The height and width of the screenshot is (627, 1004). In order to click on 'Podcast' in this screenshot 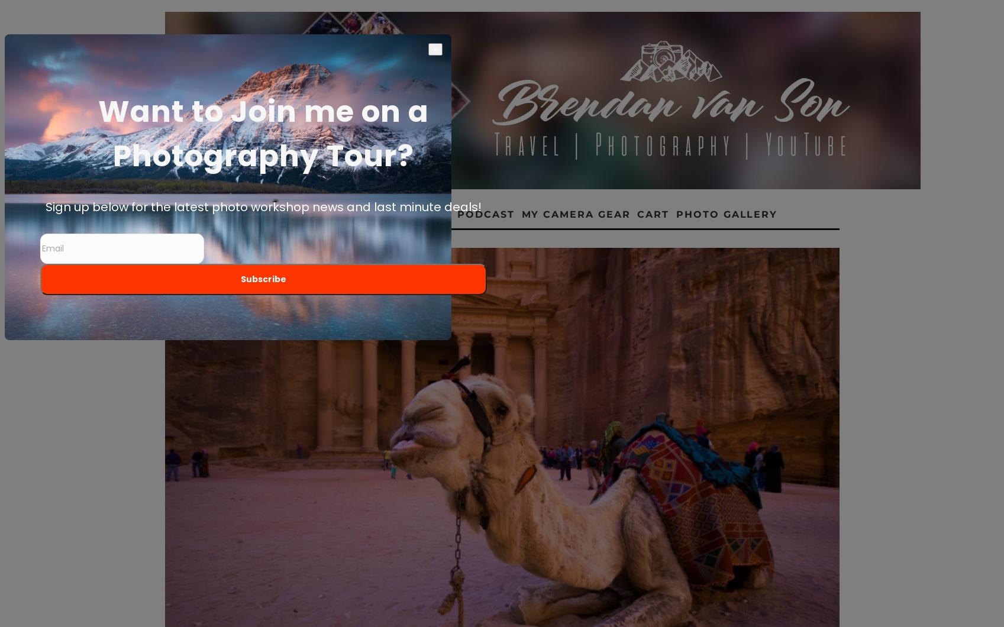, I will do `click(486, 214)`.